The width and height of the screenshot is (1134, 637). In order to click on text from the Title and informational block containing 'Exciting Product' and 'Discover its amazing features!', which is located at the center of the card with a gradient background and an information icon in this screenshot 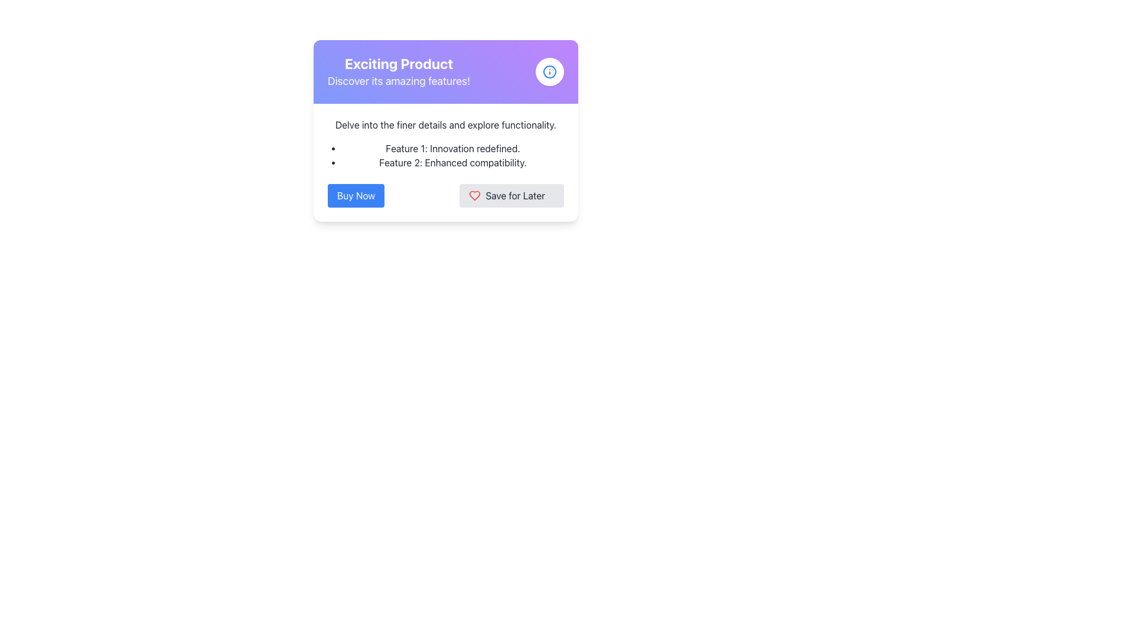, I will do `click(445, 72)`.